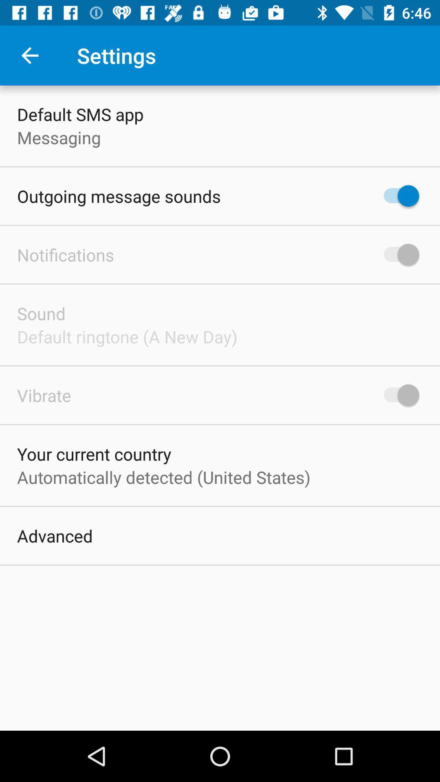 The image size is (440, 782). What do you see at coordinates (127, 336) in the screenshot?
I see `the default ringtone a item` at bounding box center [127, 336].